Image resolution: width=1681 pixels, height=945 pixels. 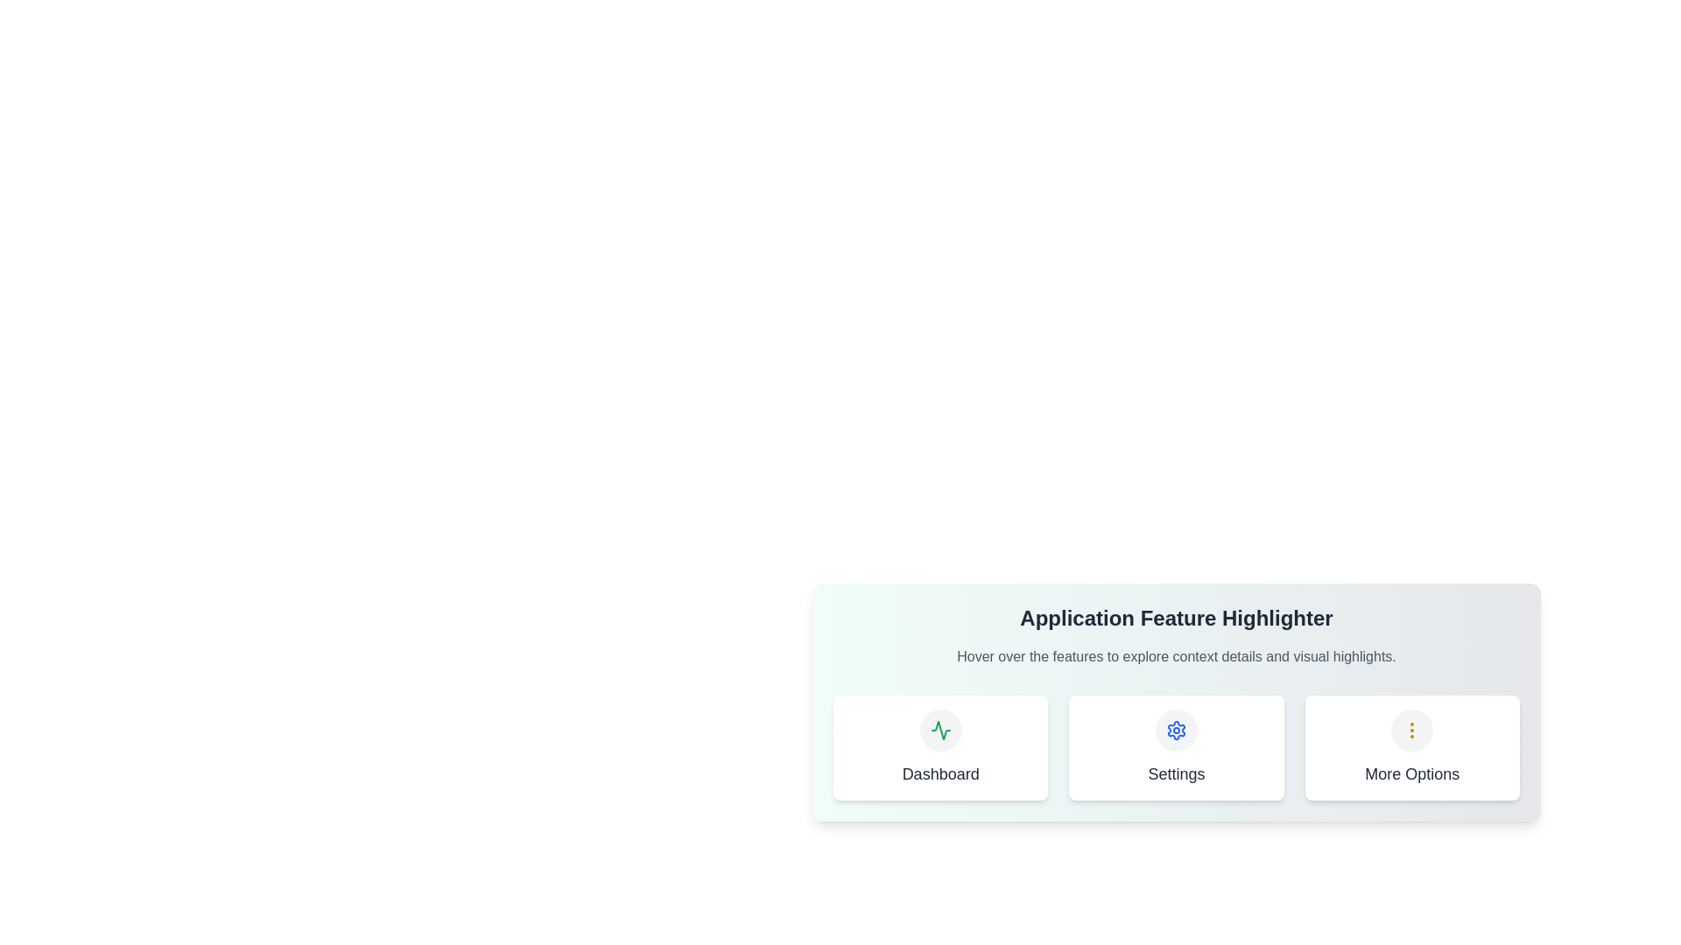 I want to click on the settings icon button located in the middle column under the 'Settings' label, so click(x=1177, y=730).